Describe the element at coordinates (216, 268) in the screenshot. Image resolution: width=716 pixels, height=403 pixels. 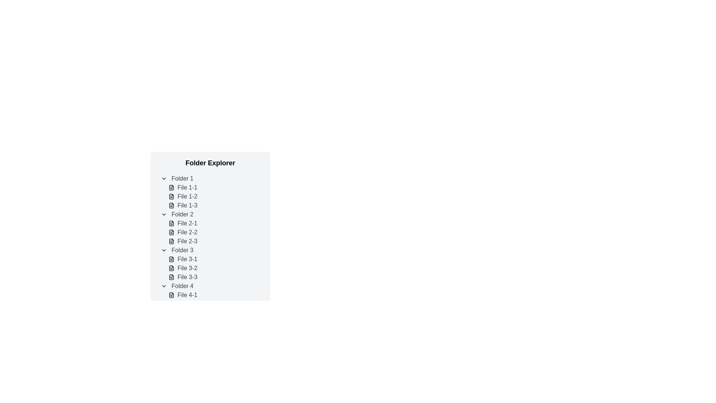
I see `the selectable file named 'File 3-2' in the folder explorer, which is the second item within 'Folder 3'` at that location.